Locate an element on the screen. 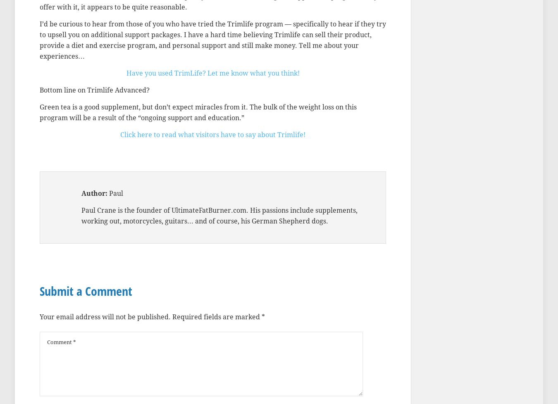 The height and width of the screenshot is (404, 558). 'Click here to read what visitors have to say about Trimlife!' is located at coordinates (212, 134).